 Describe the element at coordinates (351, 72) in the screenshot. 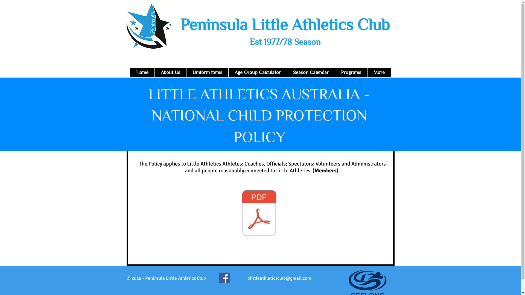

I see `'Programs'` at that location.